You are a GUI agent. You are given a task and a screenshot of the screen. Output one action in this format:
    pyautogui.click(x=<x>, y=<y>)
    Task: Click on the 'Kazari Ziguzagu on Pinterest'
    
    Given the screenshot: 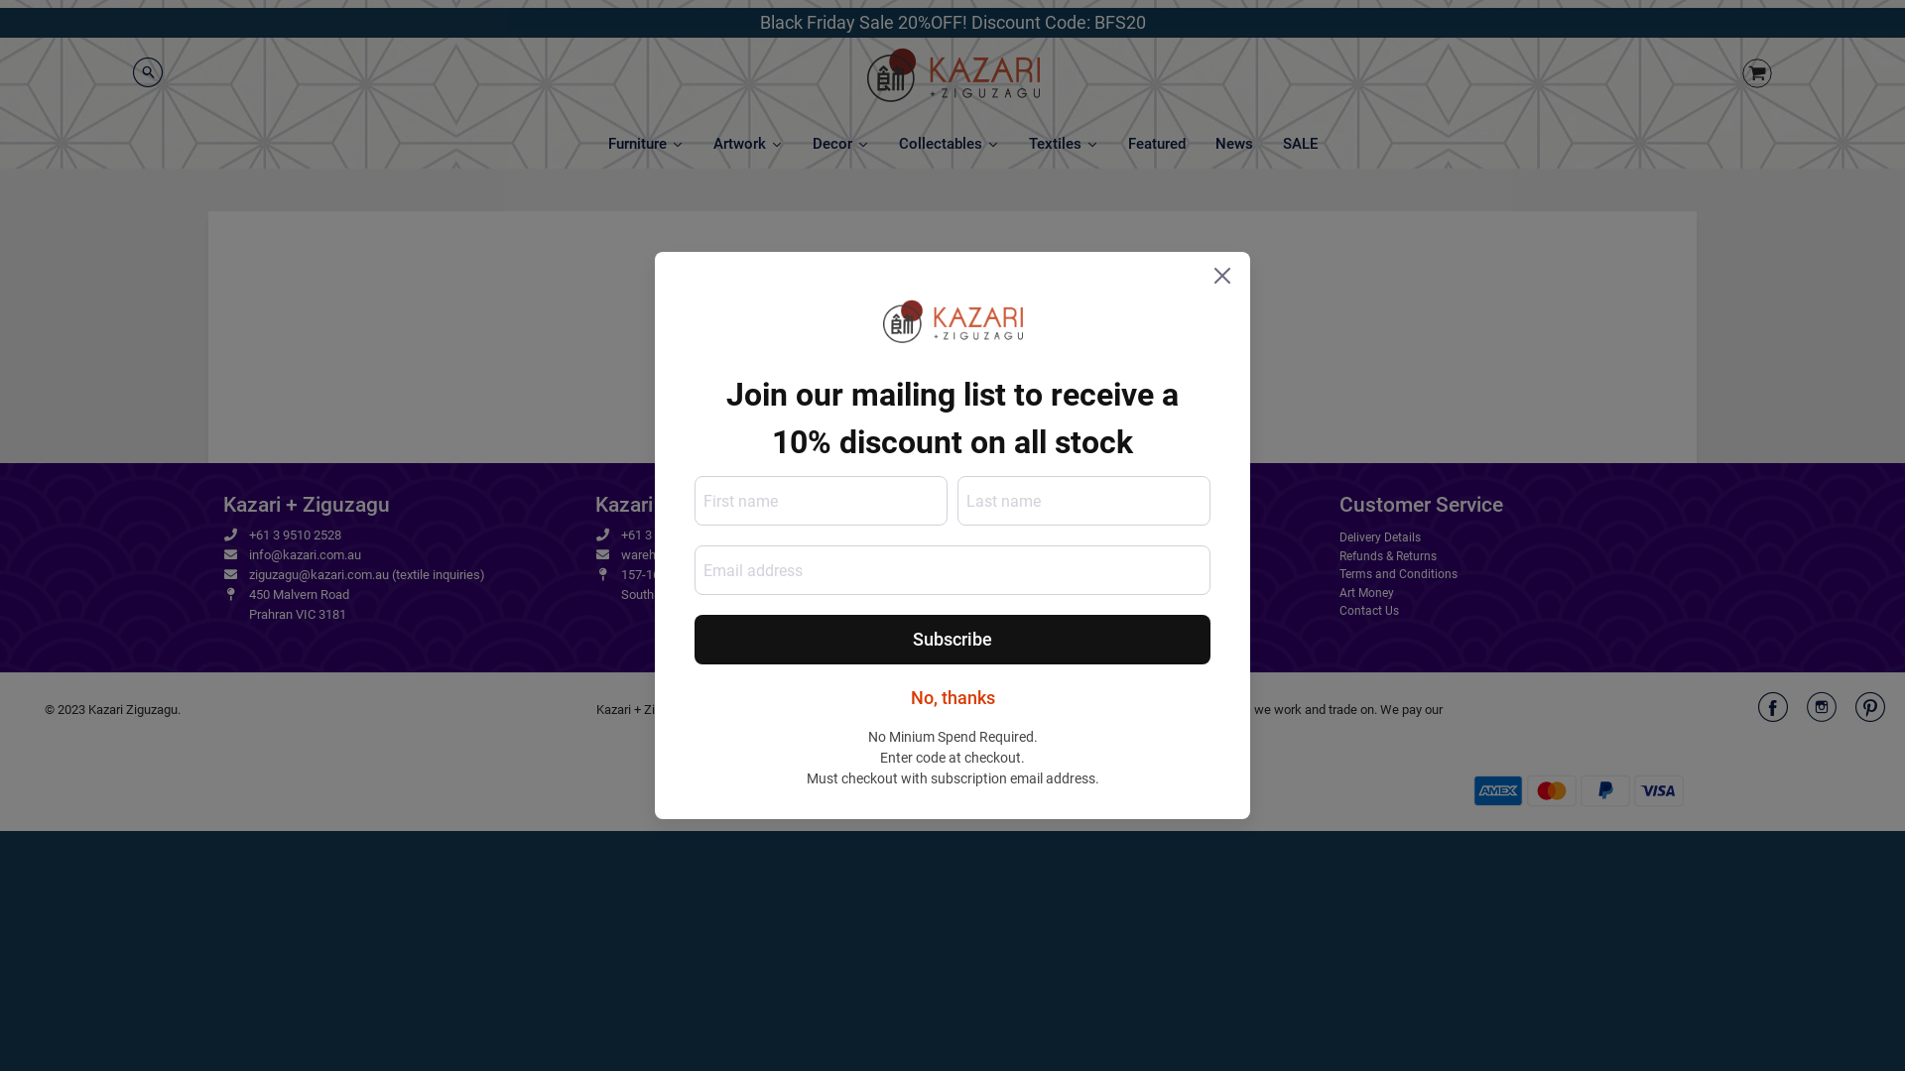 What is the action you would take?
    pyautogui.click(x=1869, y=712)
    